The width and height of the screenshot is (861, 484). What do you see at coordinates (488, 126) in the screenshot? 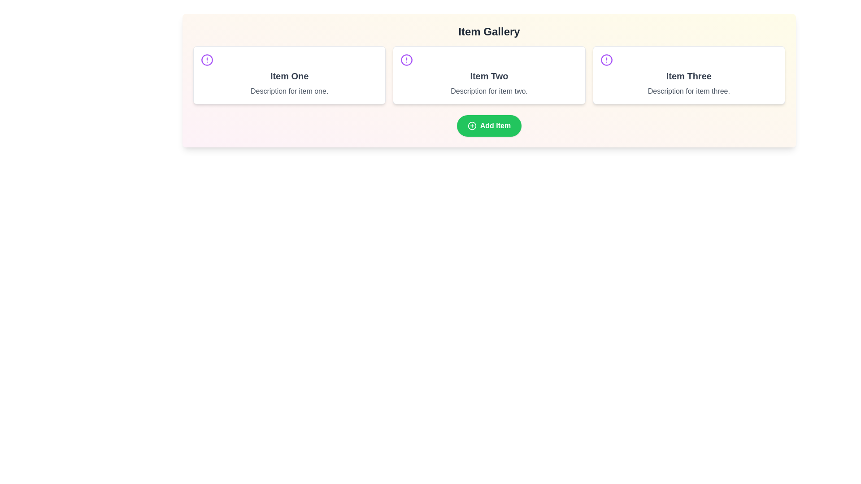
I see `the button located below the gallery of items 'Item One', 'Item Two', and 'Item Three'` at bounding box center [488, 126].